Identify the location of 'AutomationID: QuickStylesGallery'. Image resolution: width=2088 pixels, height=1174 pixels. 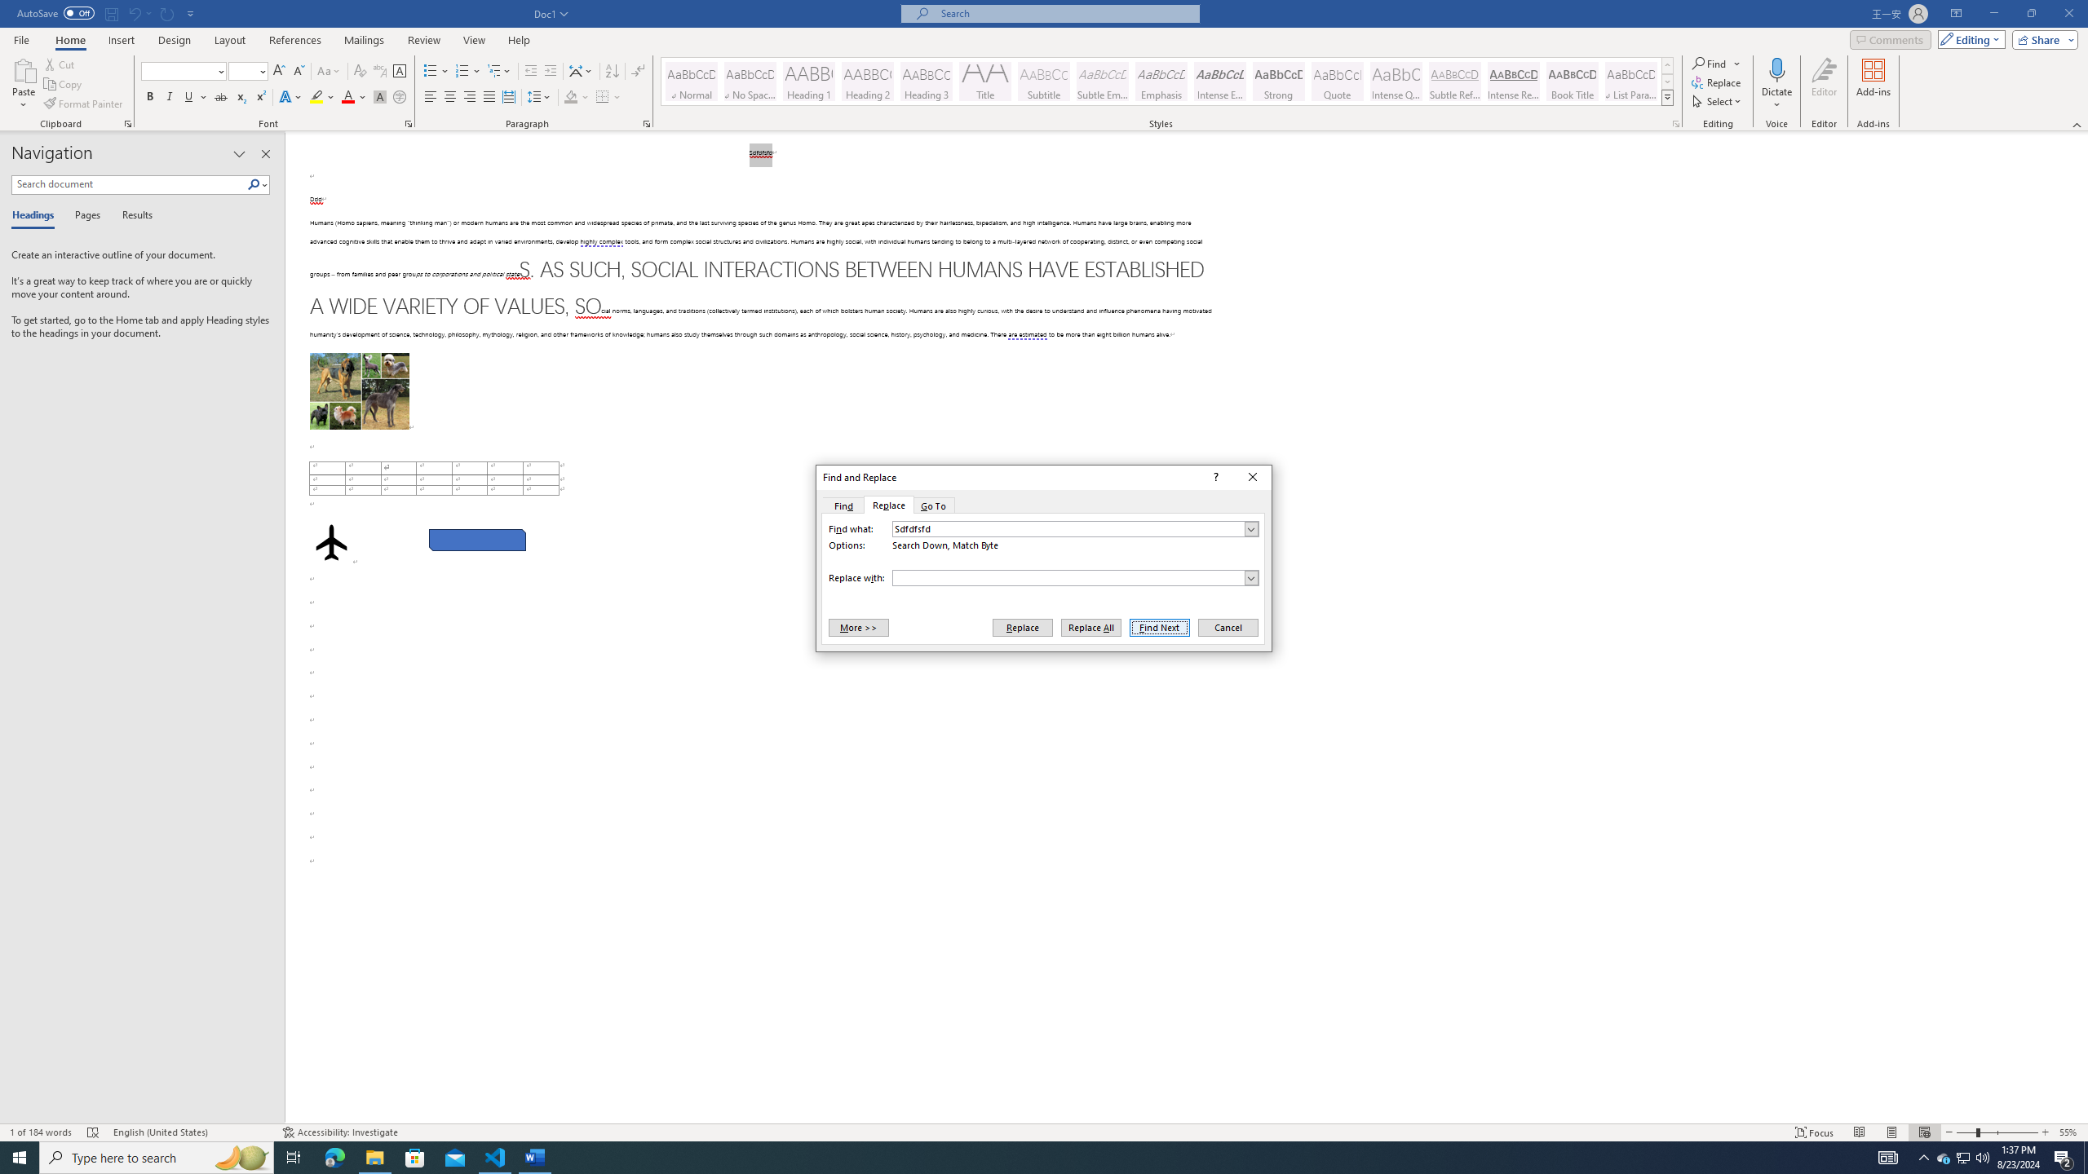
(1167, 81).